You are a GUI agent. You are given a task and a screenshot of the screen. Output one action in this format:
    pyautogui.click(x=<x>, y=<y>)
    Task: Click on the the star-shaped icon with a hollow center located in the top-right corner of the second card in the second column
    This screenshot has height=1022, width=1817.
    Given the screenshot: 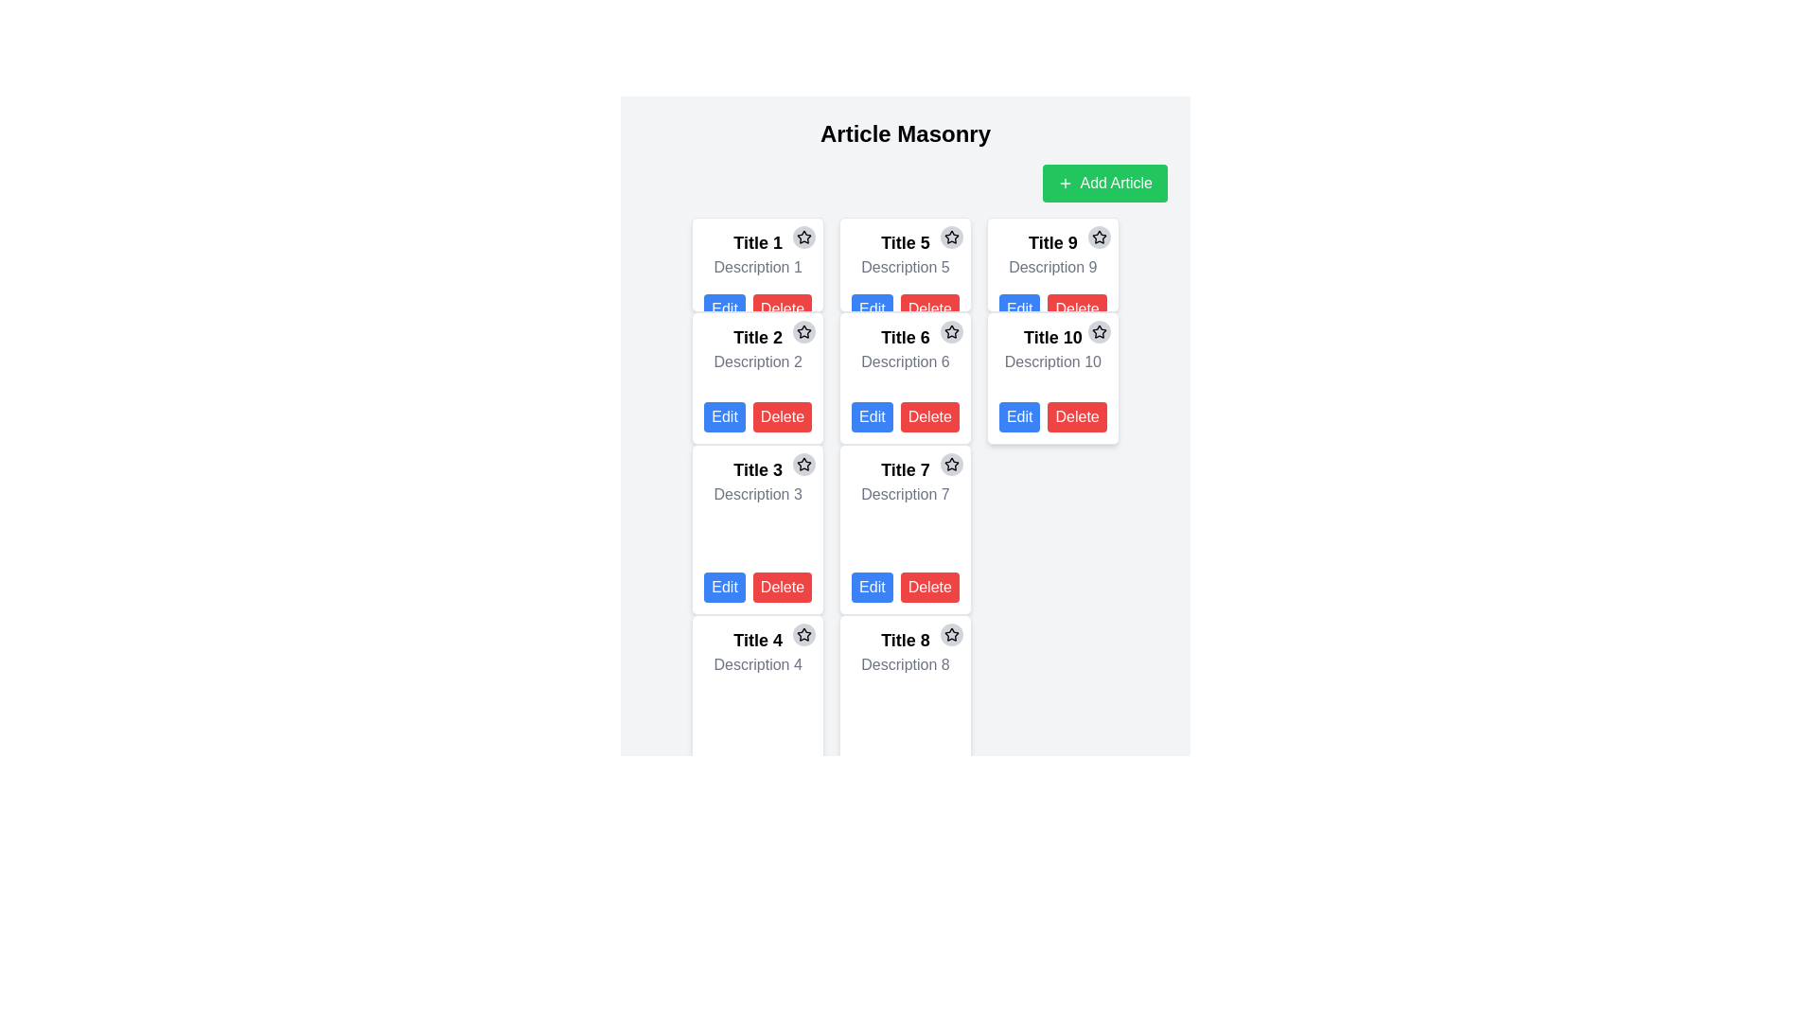 What is the action you would take?
    pyautogui.click(x=804, y=330)
    